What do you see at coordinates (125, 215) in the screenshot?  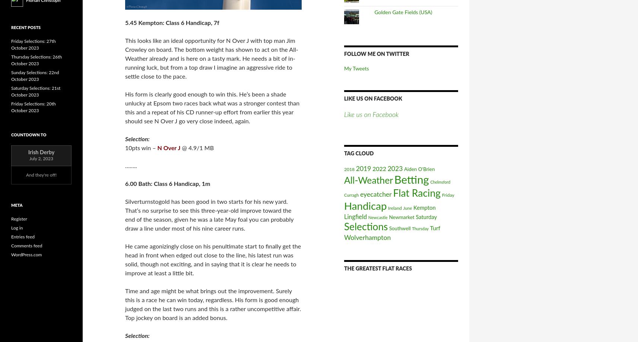 I see `'Silverturnstogold has been good in two starts for his new yard. That’s no surprise to see this three-year-old improve toward the end of the season, given he was a late May foal you can probably draw a line under most of his nine career runs.'` at bounding box center [125, 215].